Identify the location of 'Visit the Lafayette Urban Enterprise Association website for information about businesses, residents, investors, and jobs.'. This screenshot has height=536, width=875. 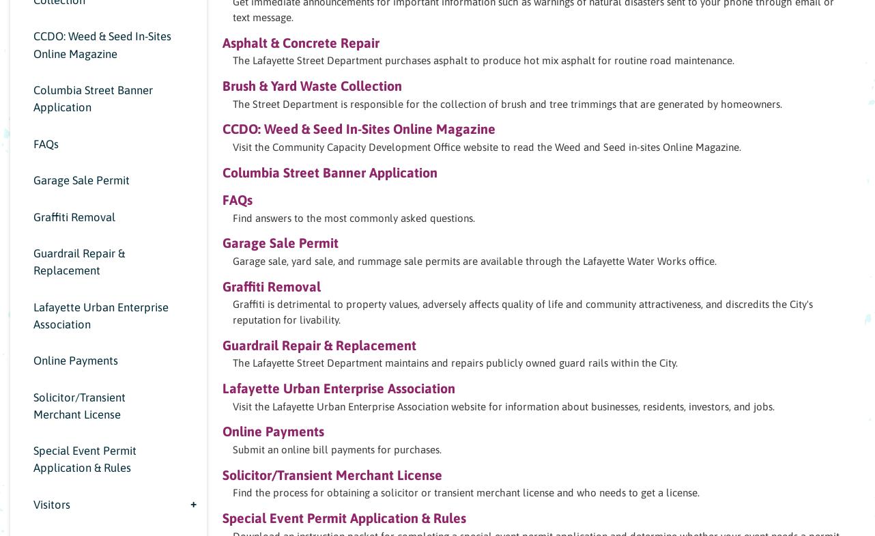
(504, 406).